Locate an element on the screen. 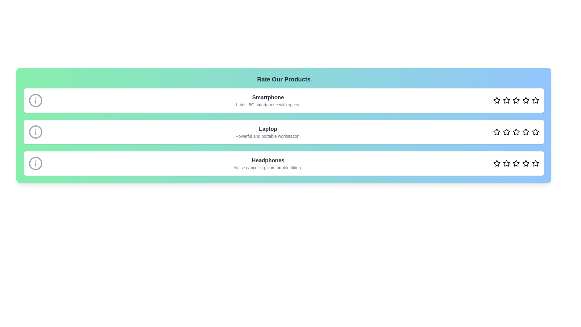  keyboard navigation is located at coordinates (525, 131).